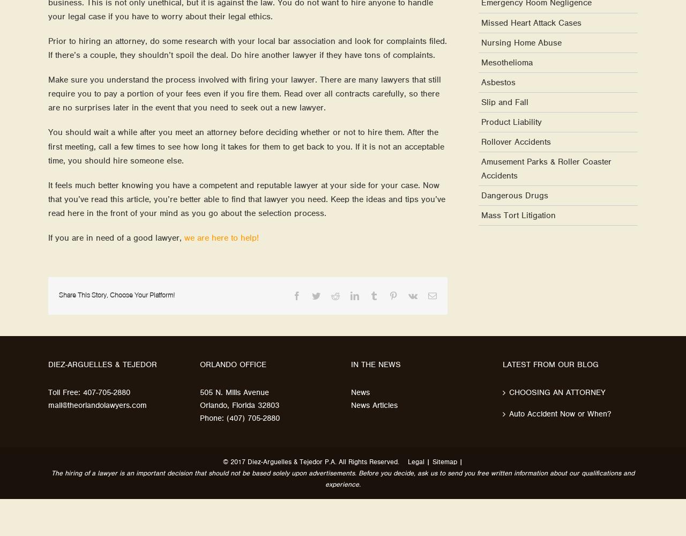  What do you see at coordinates (511, 121) in the screenshot?
I see `'Product Liability'` at bounding box center [511, 121].